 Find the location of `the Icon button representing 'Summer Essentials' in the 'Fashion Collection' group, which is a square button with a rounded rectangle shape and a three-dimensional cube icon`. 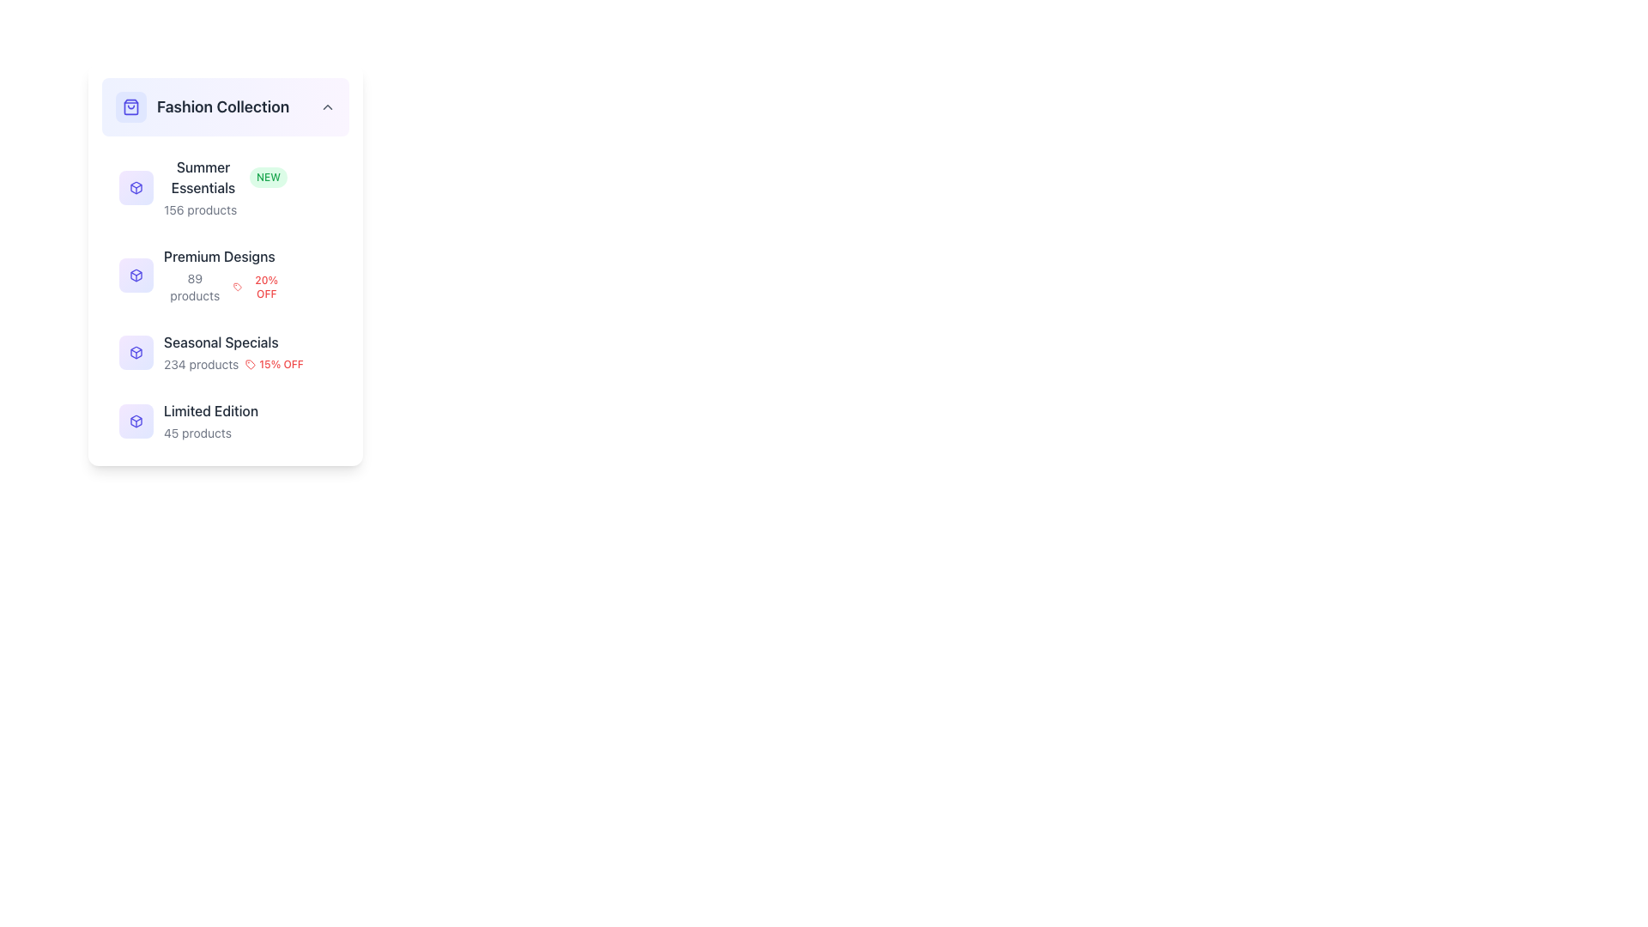

the Icon button representing 'Summer Essentials' in the 'Fashion Collection' group, which is a square button with a rounded rectangle shape and a three-dimensional cube icon is located at coordinates (135, 188).